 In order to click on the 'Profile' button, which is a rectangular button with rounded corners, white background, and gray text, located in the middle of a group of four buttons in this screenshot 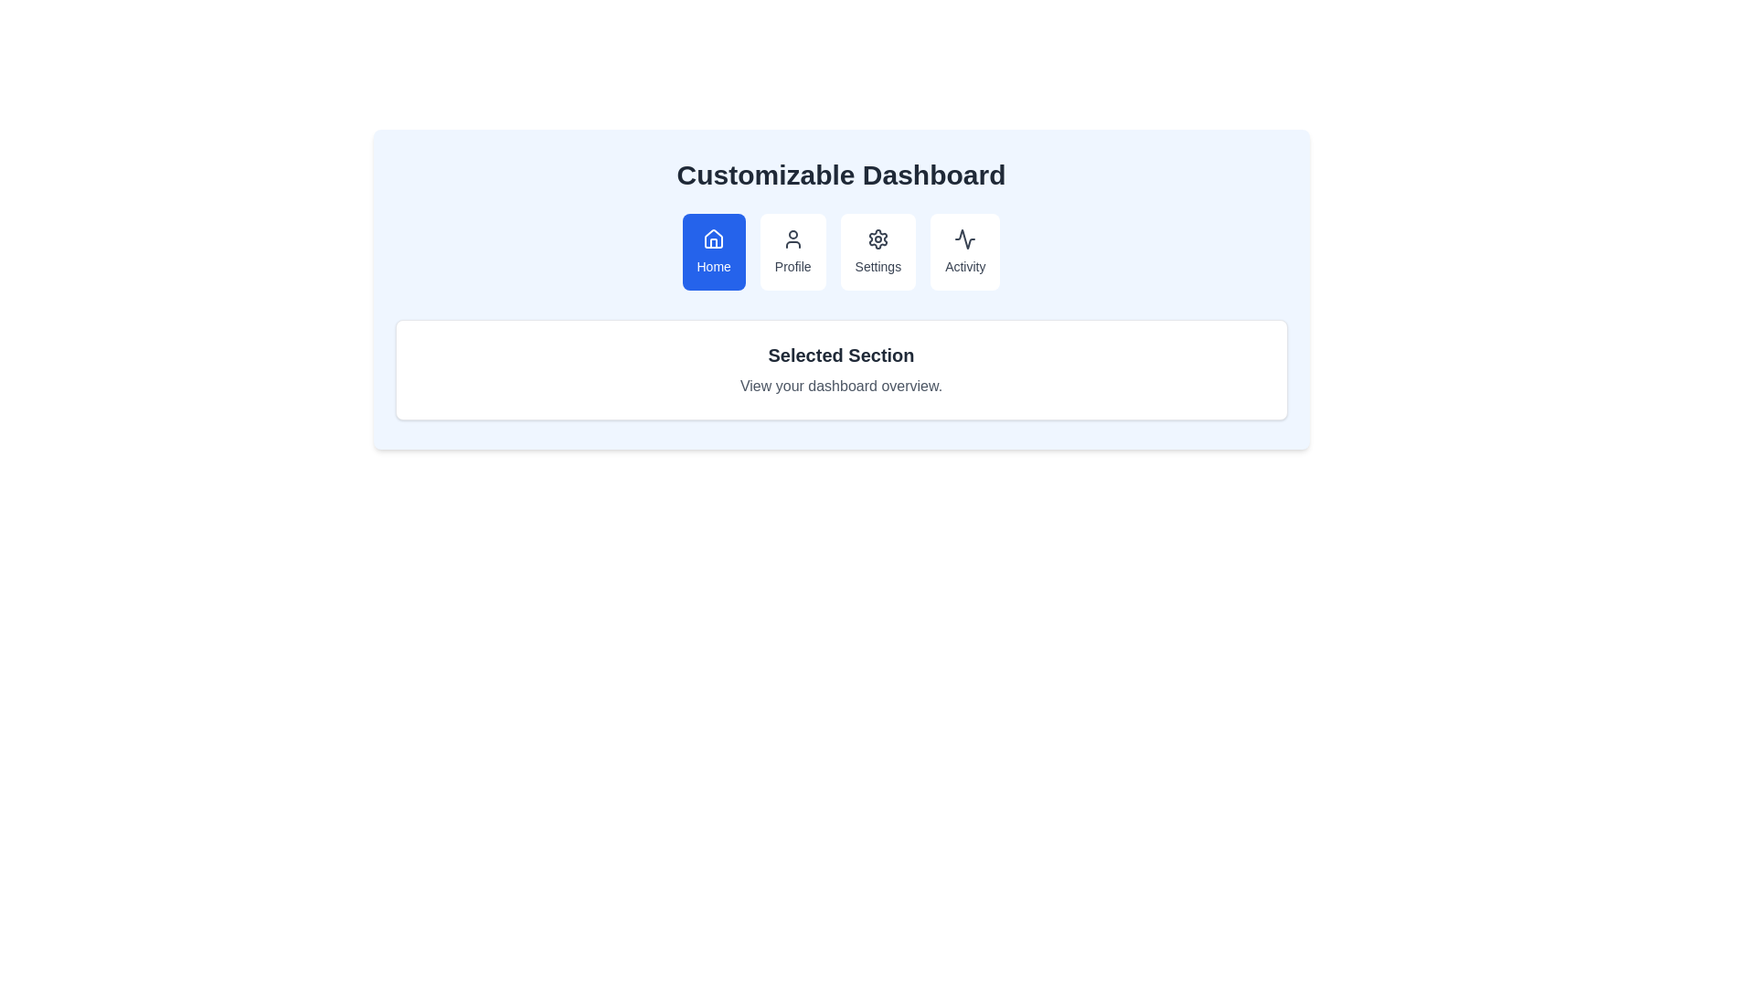, I will do `click(792, 252)`.